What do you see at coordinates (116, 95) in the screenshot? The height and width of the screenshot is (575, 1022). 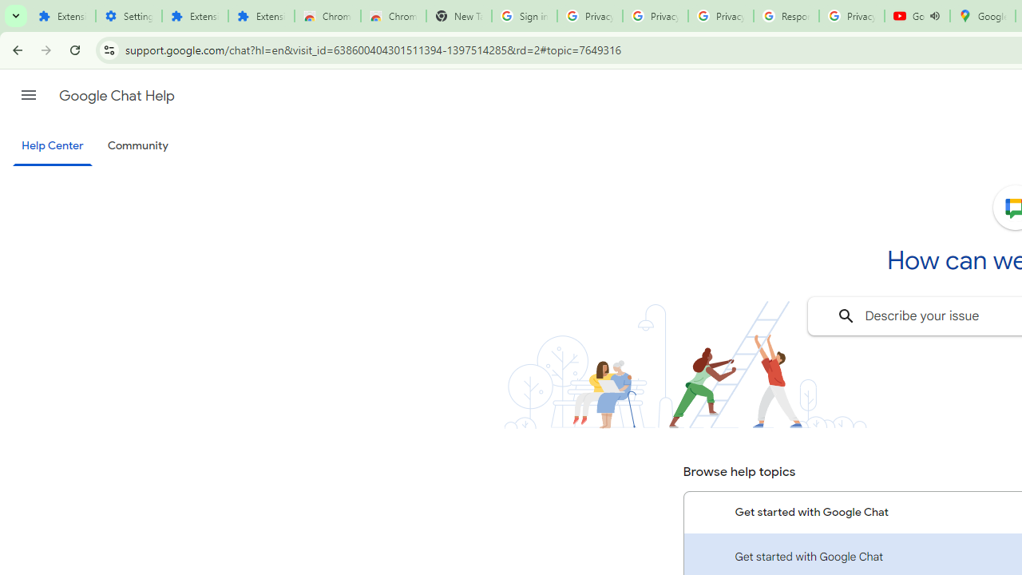 I see `'Google Chat Help'` at bounding box center [116, 95].